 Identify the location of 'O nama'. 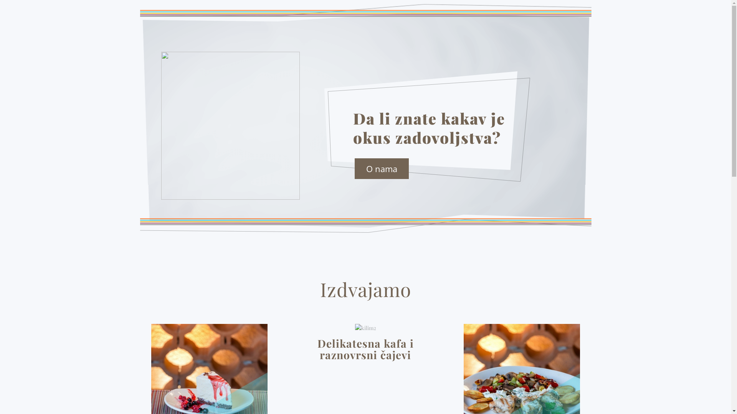
(382, 168).